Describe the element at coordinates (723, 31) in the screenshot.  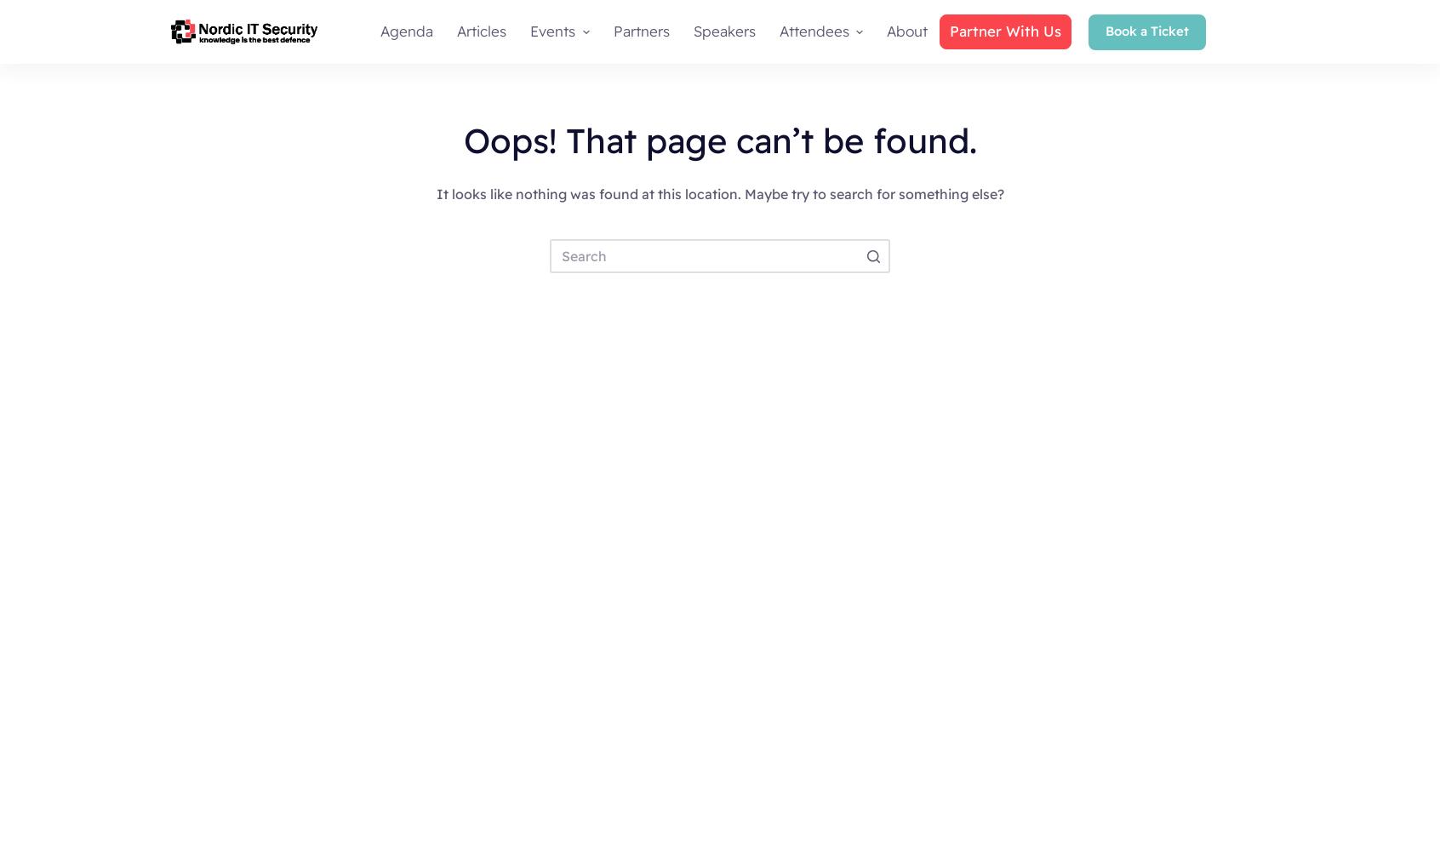
I see `'Speakers'` at that location.